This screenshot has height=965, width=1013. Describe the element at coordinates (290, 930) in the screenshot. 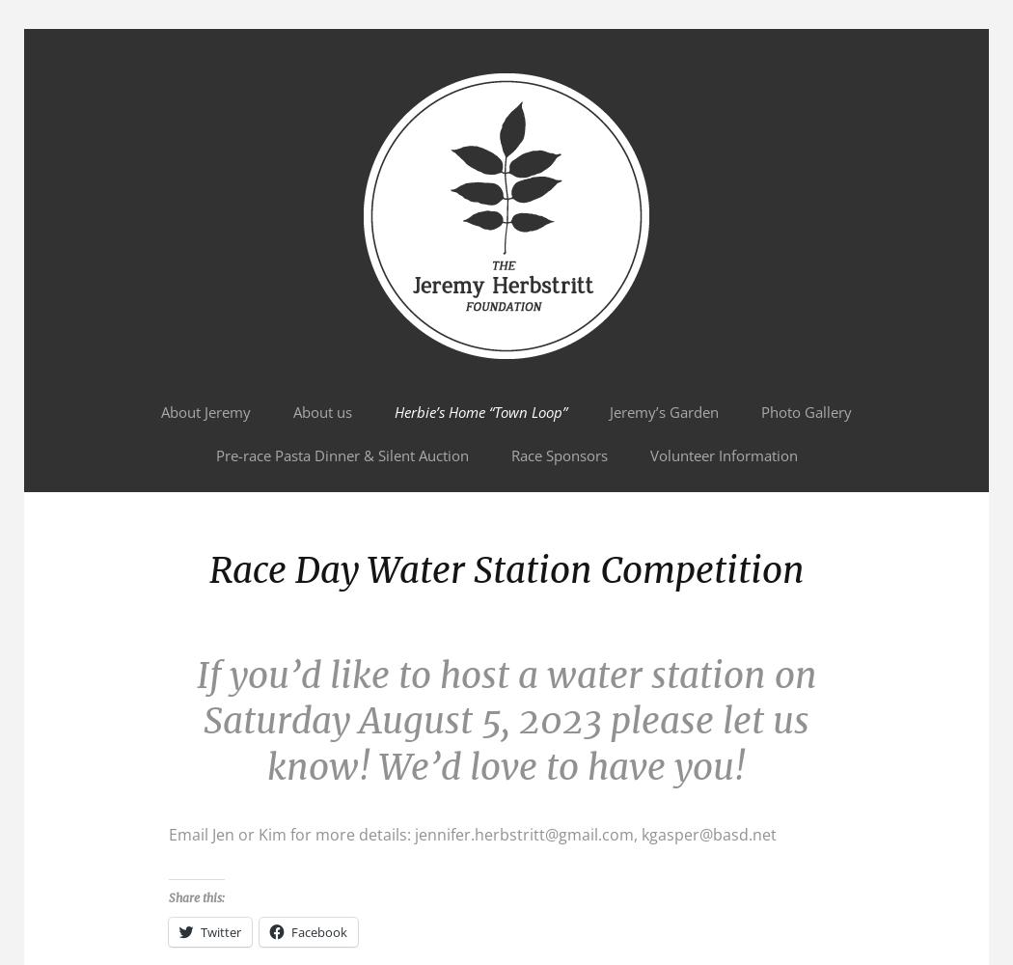

I see `'Facebook'` at that location.